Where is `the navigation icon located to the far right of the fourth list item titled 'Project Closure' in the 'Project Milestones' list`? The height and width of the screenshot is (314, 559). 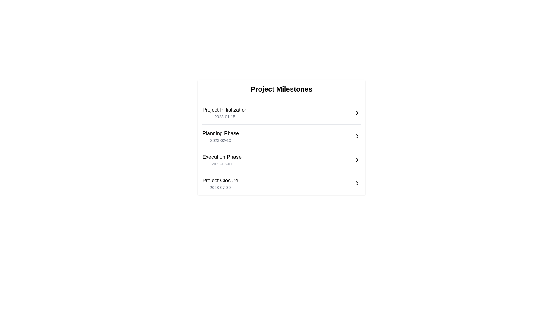 the navigation icon located to the far right of the fourth list item titled 'Project Closure' in the 'Project Milestones' list is located at coordinates (357, 183).